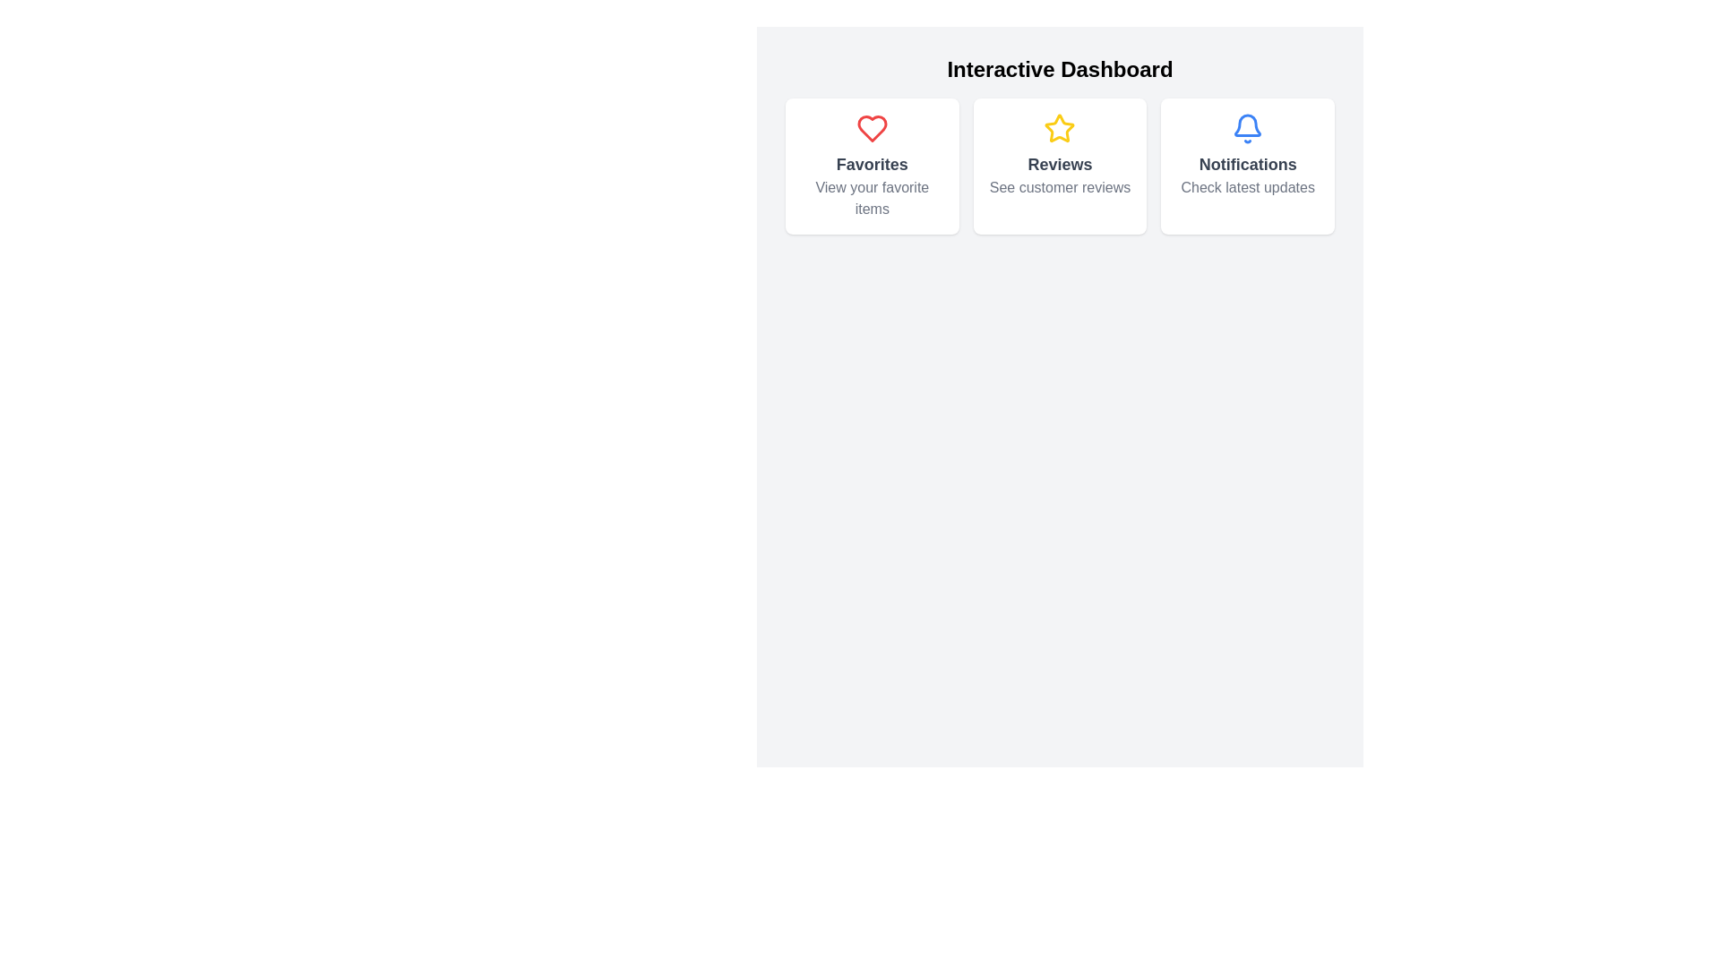 The height and width of the screenshot is (967, 1720). I want to click on the Favorites icon located in the top-left card of the 'Interactive Dashboard', centered above the label 'Favorites', so click(872, 127).